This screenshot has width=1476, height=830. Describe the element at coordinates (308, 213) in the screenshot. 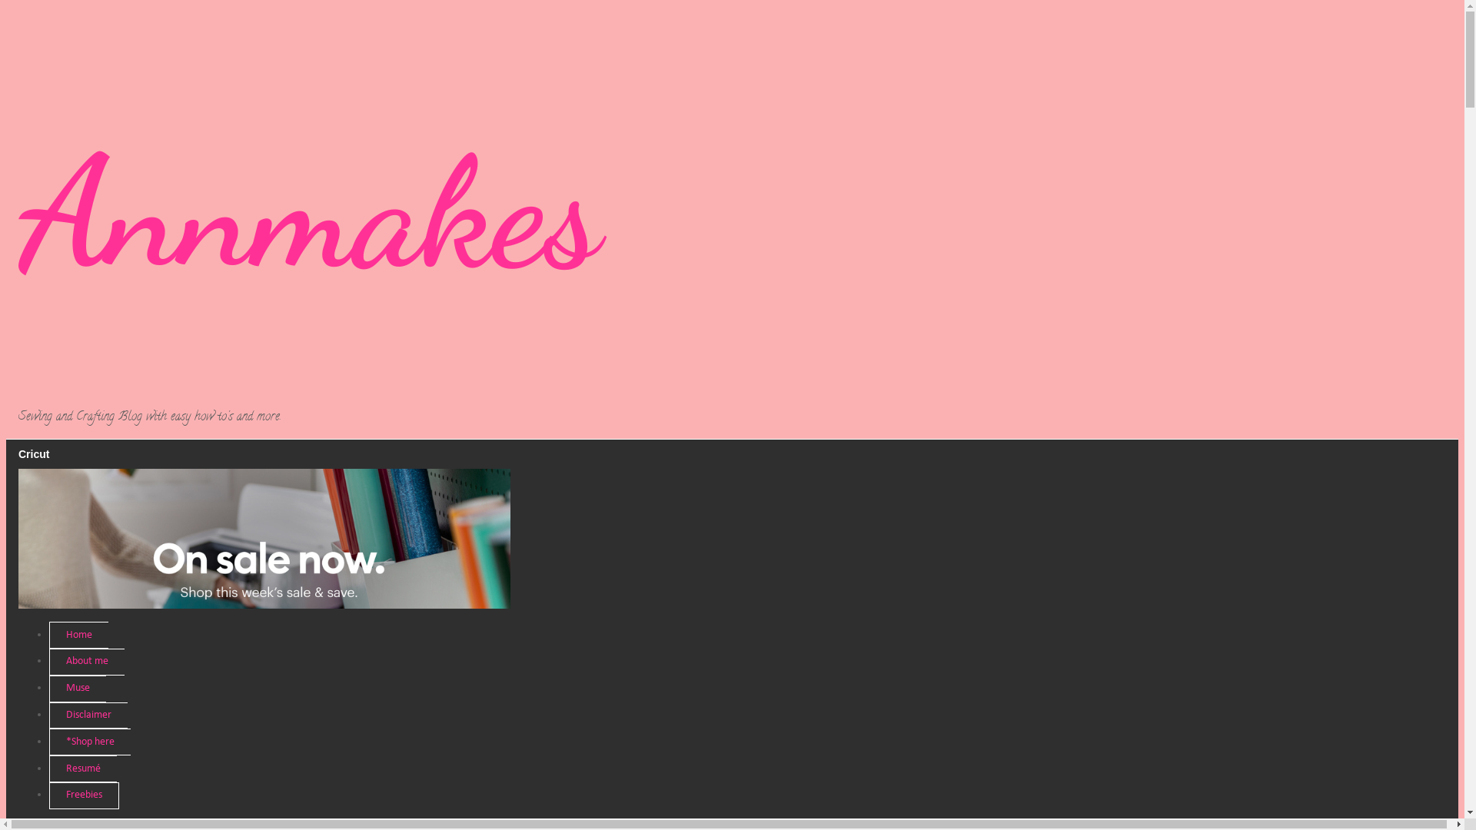

I see `'Annmakes'` at that location.